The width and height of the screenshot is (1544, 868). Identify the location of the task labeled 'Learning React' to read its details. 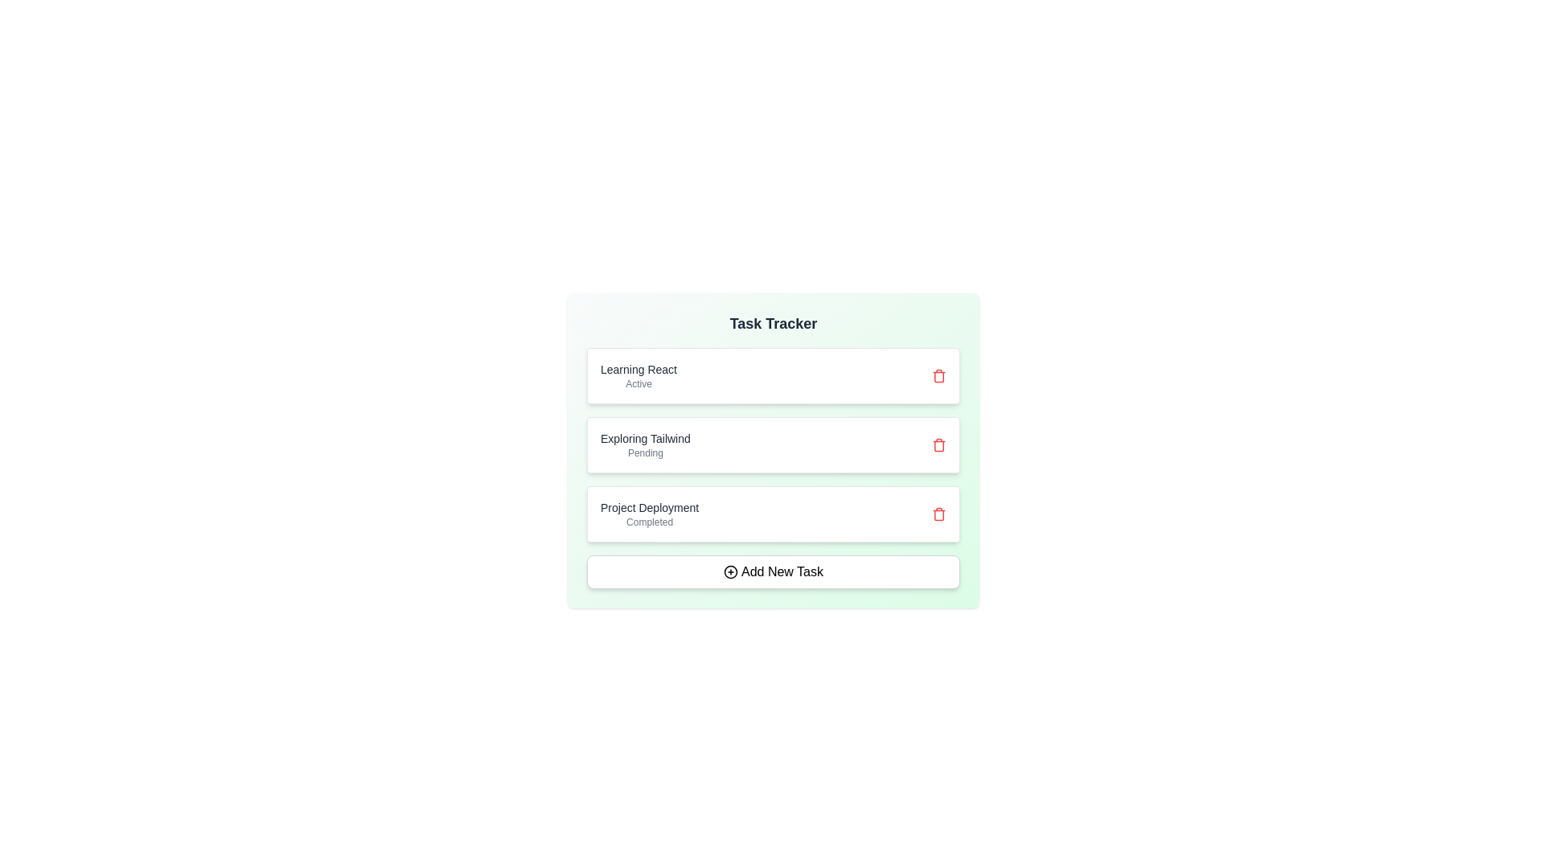
(637, 375).